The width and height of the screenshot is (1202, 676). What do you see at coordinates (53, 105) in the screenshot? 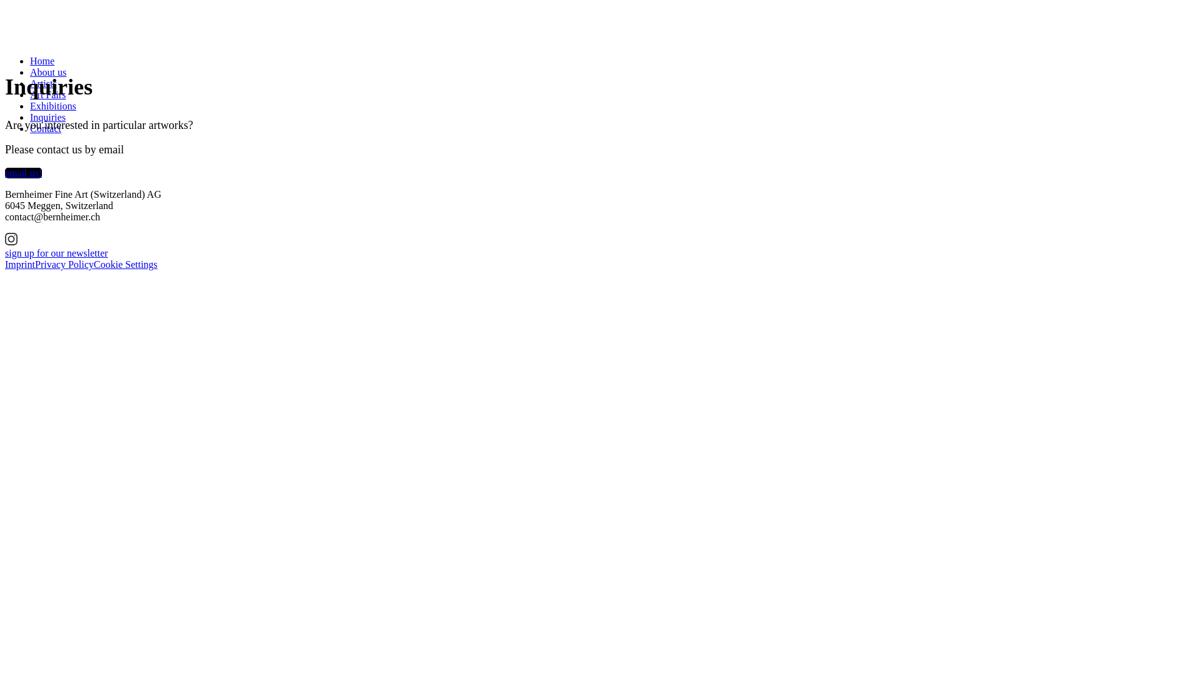
I see `'Exhibitions'` at bounding box center [53, 105].